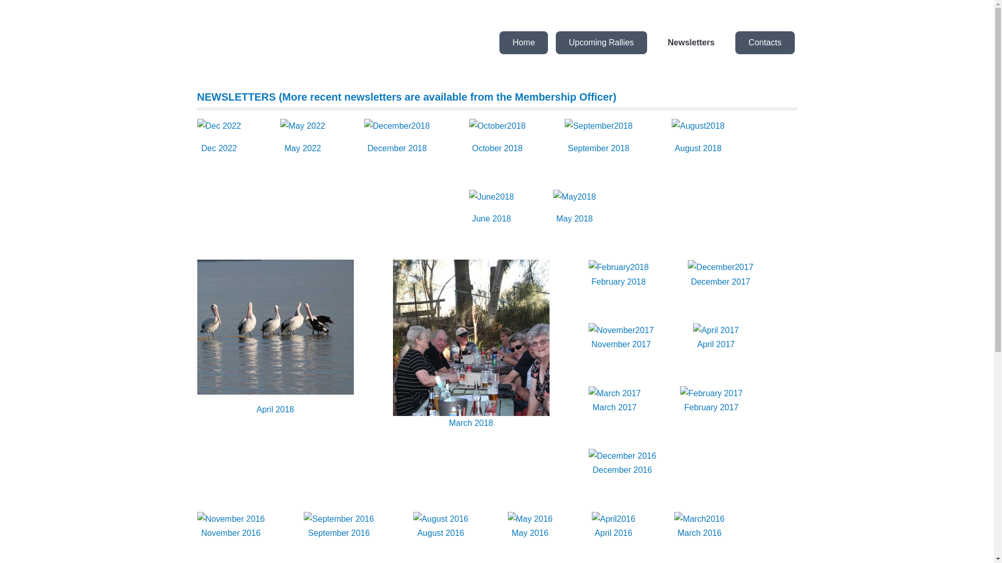  Describe the element at coordinates (470, 423) in the screenshot. I see `'March 2018'` at that location.